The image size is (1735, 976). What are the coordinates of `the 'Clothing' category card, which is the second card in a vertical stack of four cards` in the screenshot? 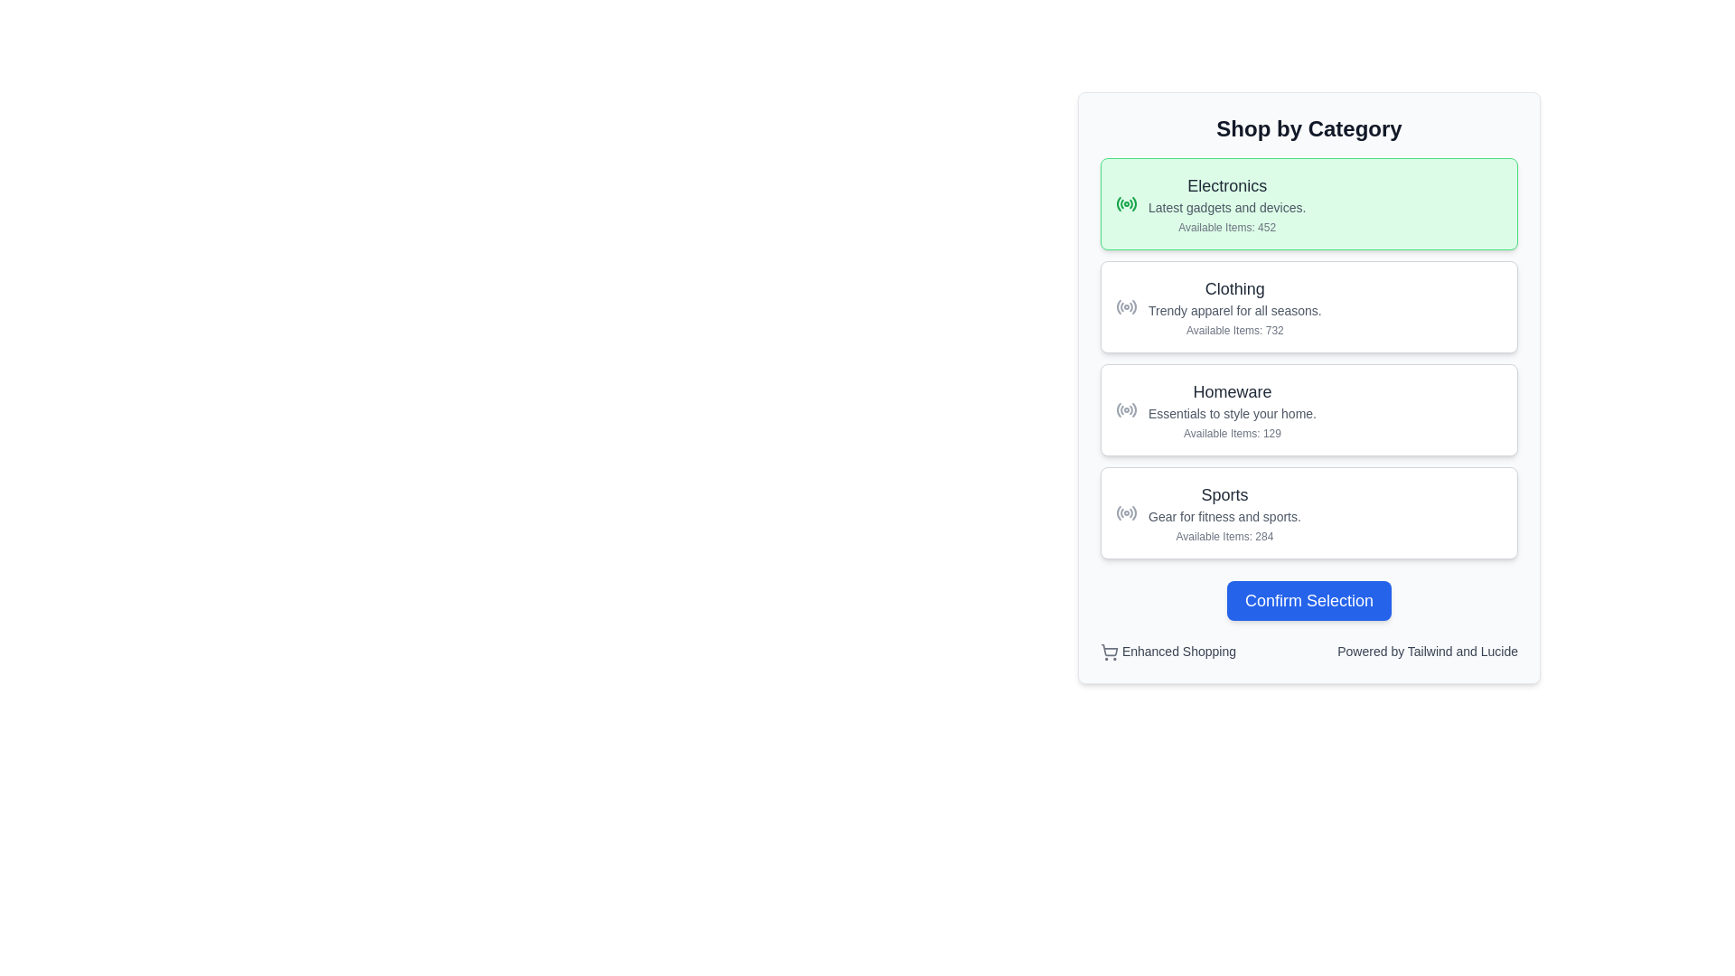 It's located at (1309, 305).